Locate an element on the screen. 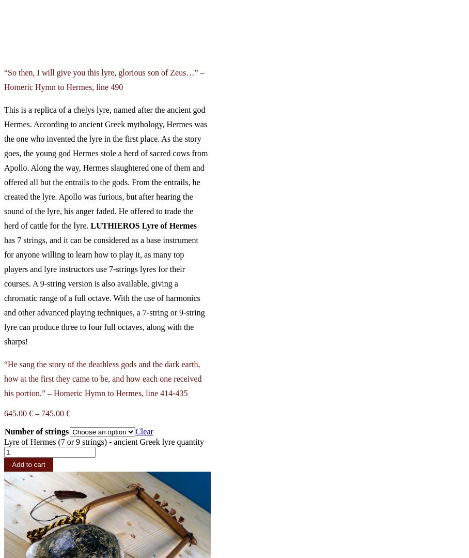 The image size is (469, 558). '745.00' is located at coordinates (53, 412).